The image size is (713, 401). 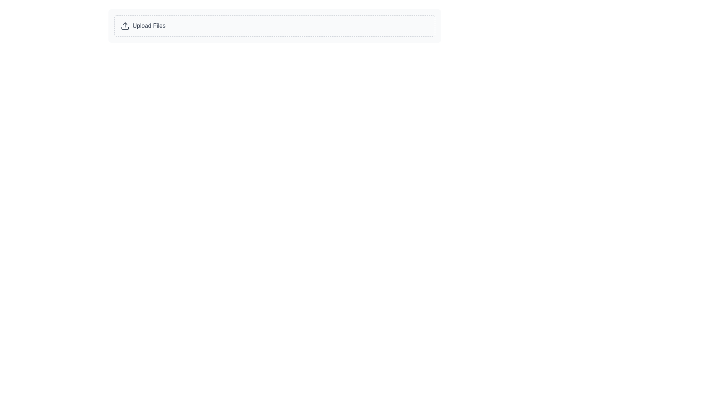 I want to click on descriptive text label associated with the upload functionality located inside a bordered box to the right of the upload icon, so click(x=149, y=25).